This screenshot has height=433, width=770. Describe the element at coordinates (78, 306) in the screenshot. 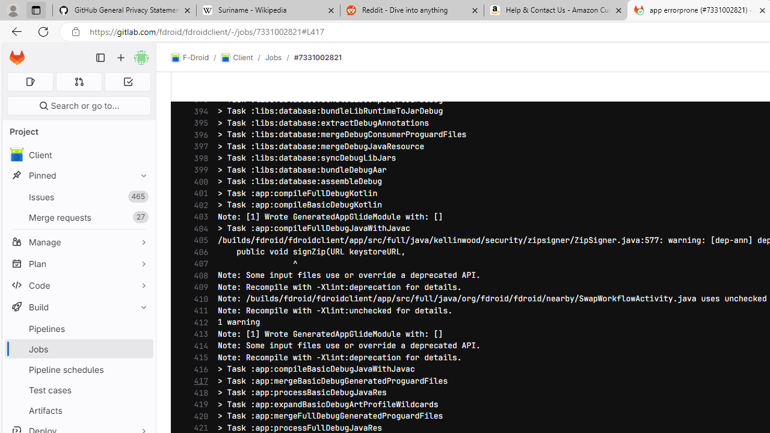

I see `'Build'` at that location.